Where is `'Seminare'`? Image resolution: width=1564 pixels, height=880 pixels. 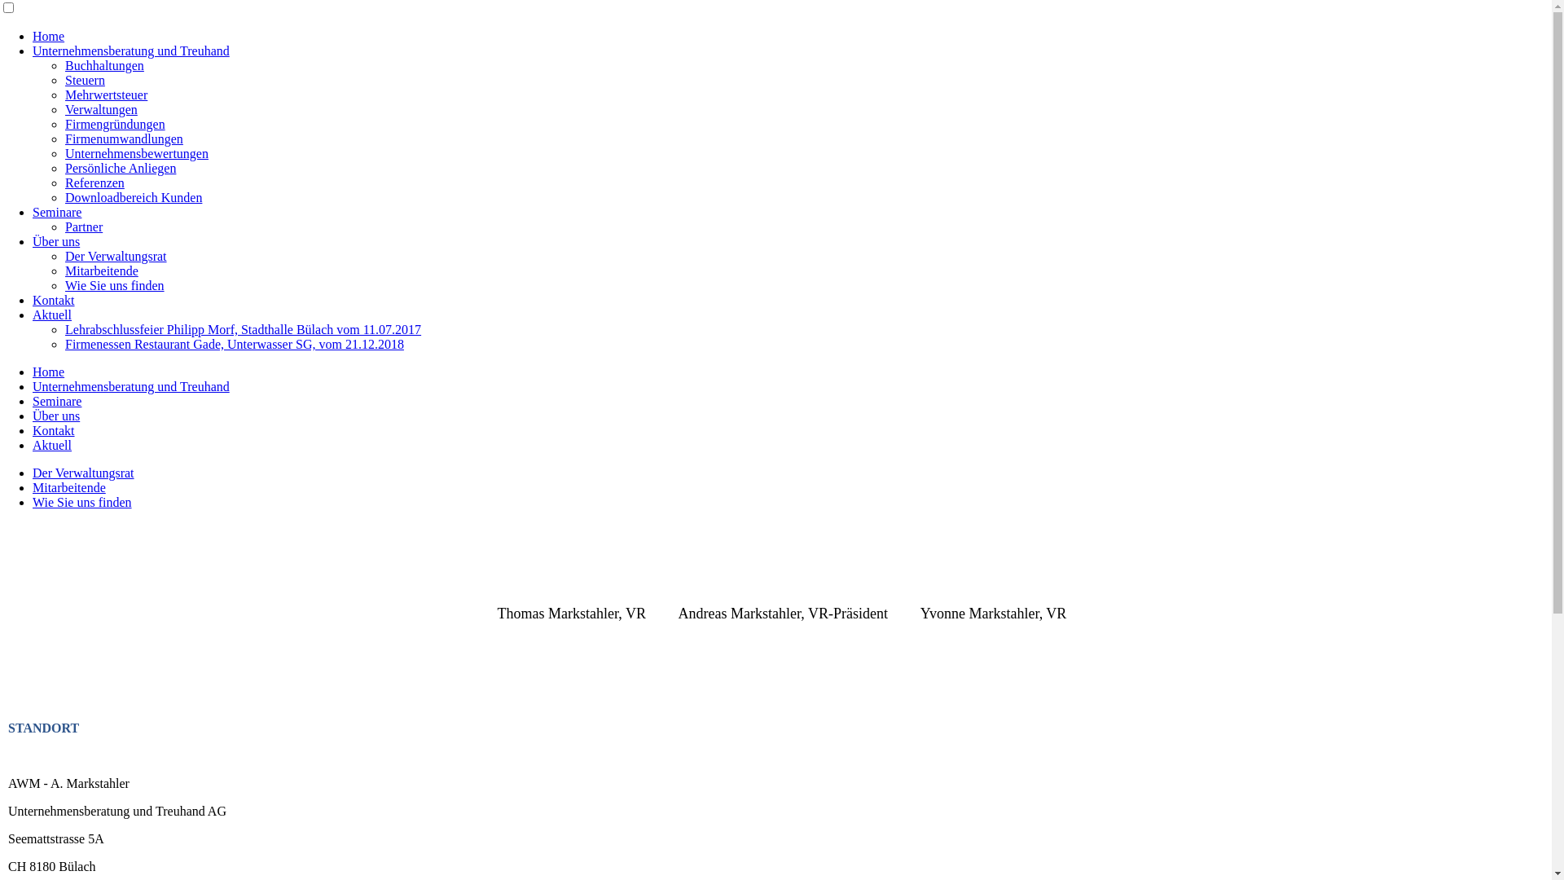
'Seminare' is located at coordinates (57, 211).